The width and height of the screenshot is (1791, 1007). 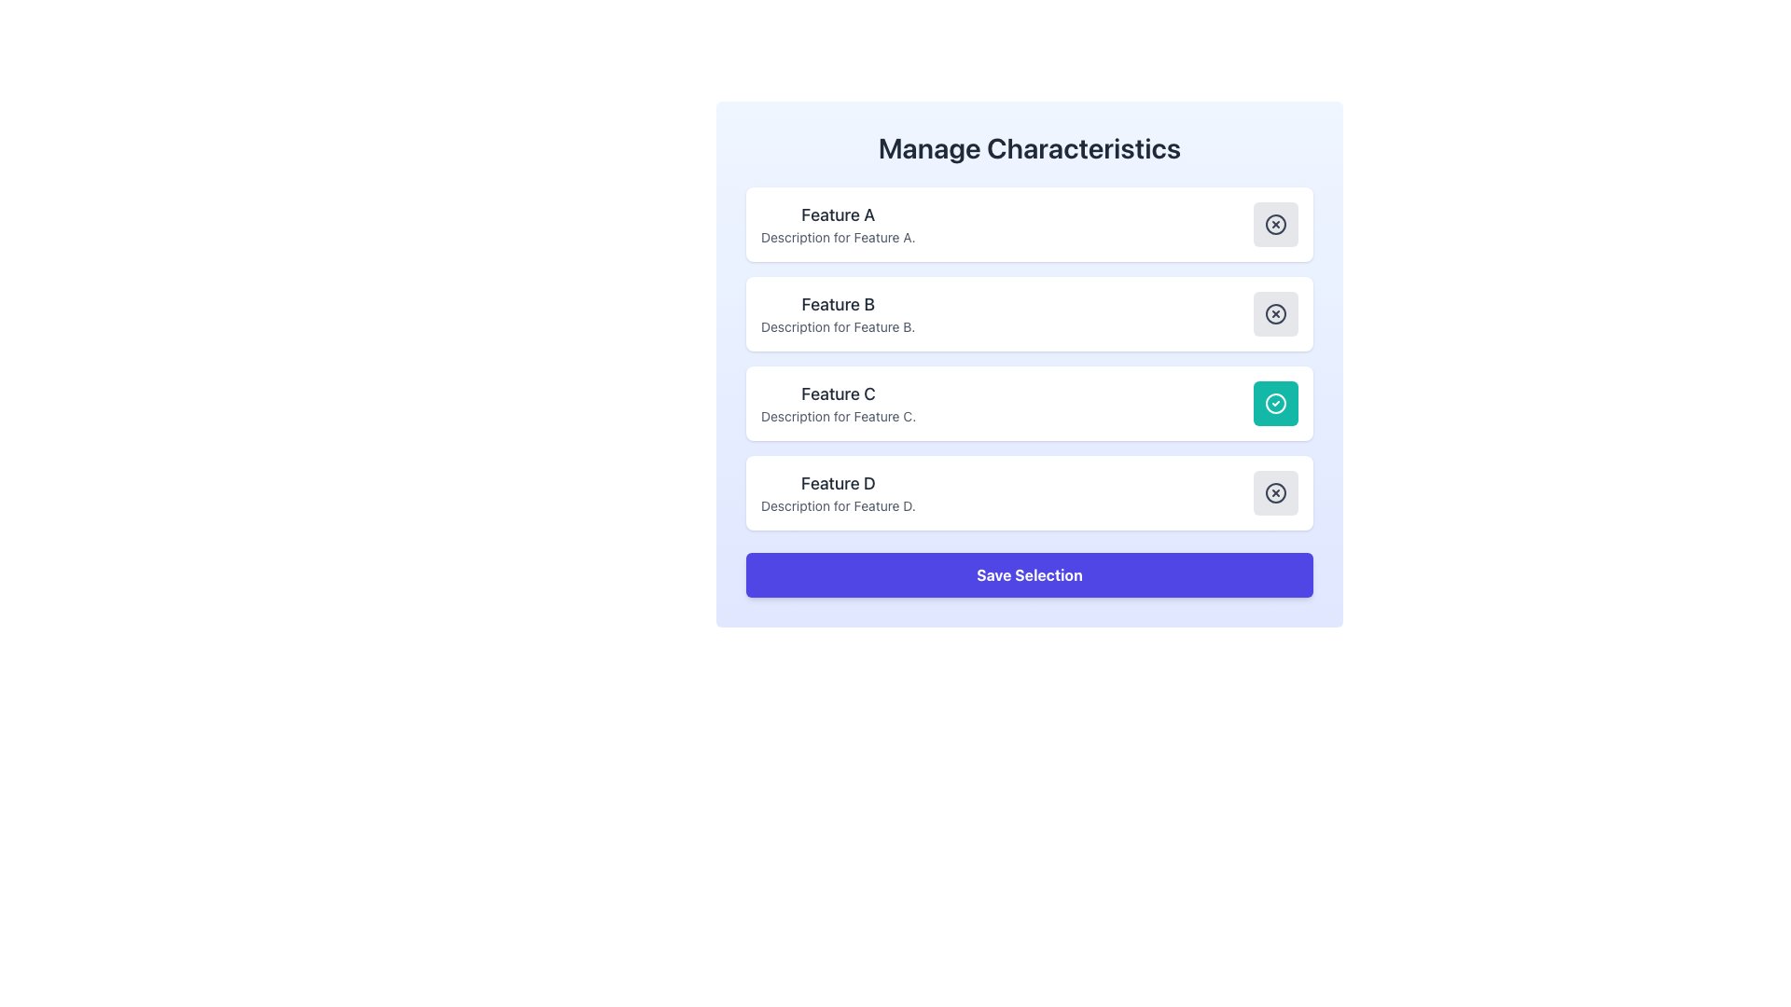 What do you see at coordinates (838, 393) in the screenshot?
I see `the 'Feature C' text label, which is styled in bold and is the third item in the 'Manage Characteristics' section, positioned between 'Feature B' and 'Feature D'` at bounding box center [838, 393].